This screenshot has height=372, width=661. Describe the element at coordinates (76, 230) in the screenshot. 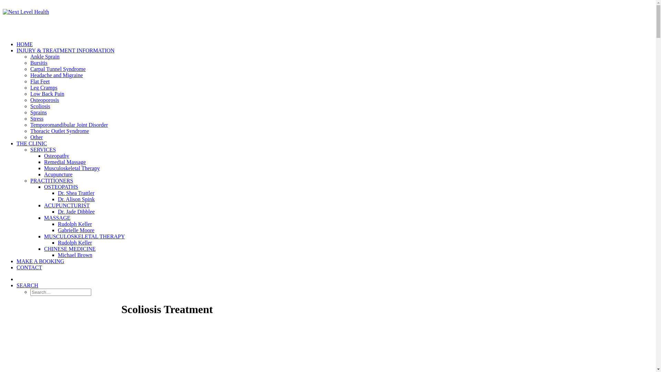

I see `'Gabrielle Moore'` at that location.